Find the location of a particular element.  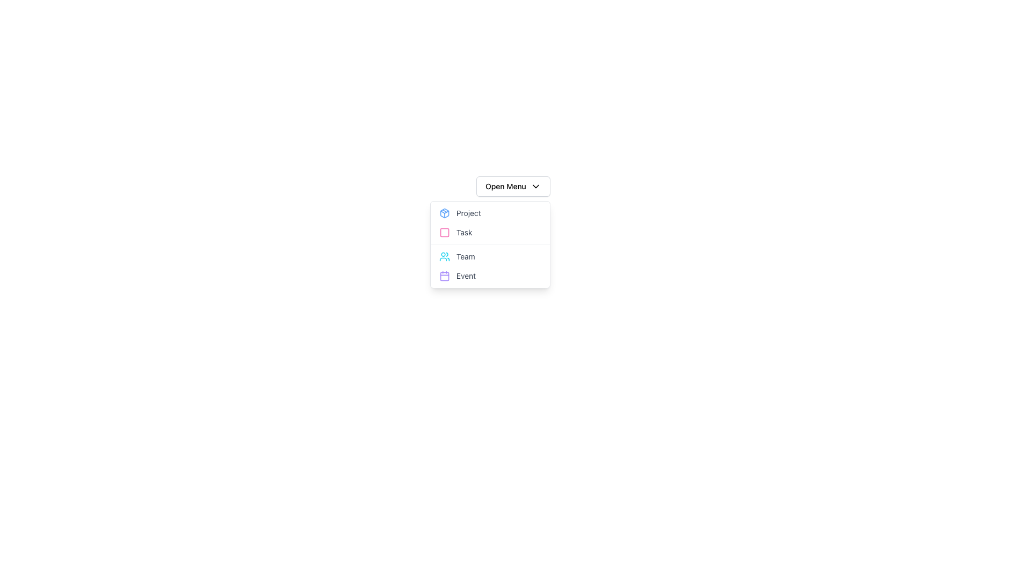

the stylized package icon with a blue outline, located to the left of the 'Project' text in the first item of the menu dropdown is located at coordinates (444, 213).